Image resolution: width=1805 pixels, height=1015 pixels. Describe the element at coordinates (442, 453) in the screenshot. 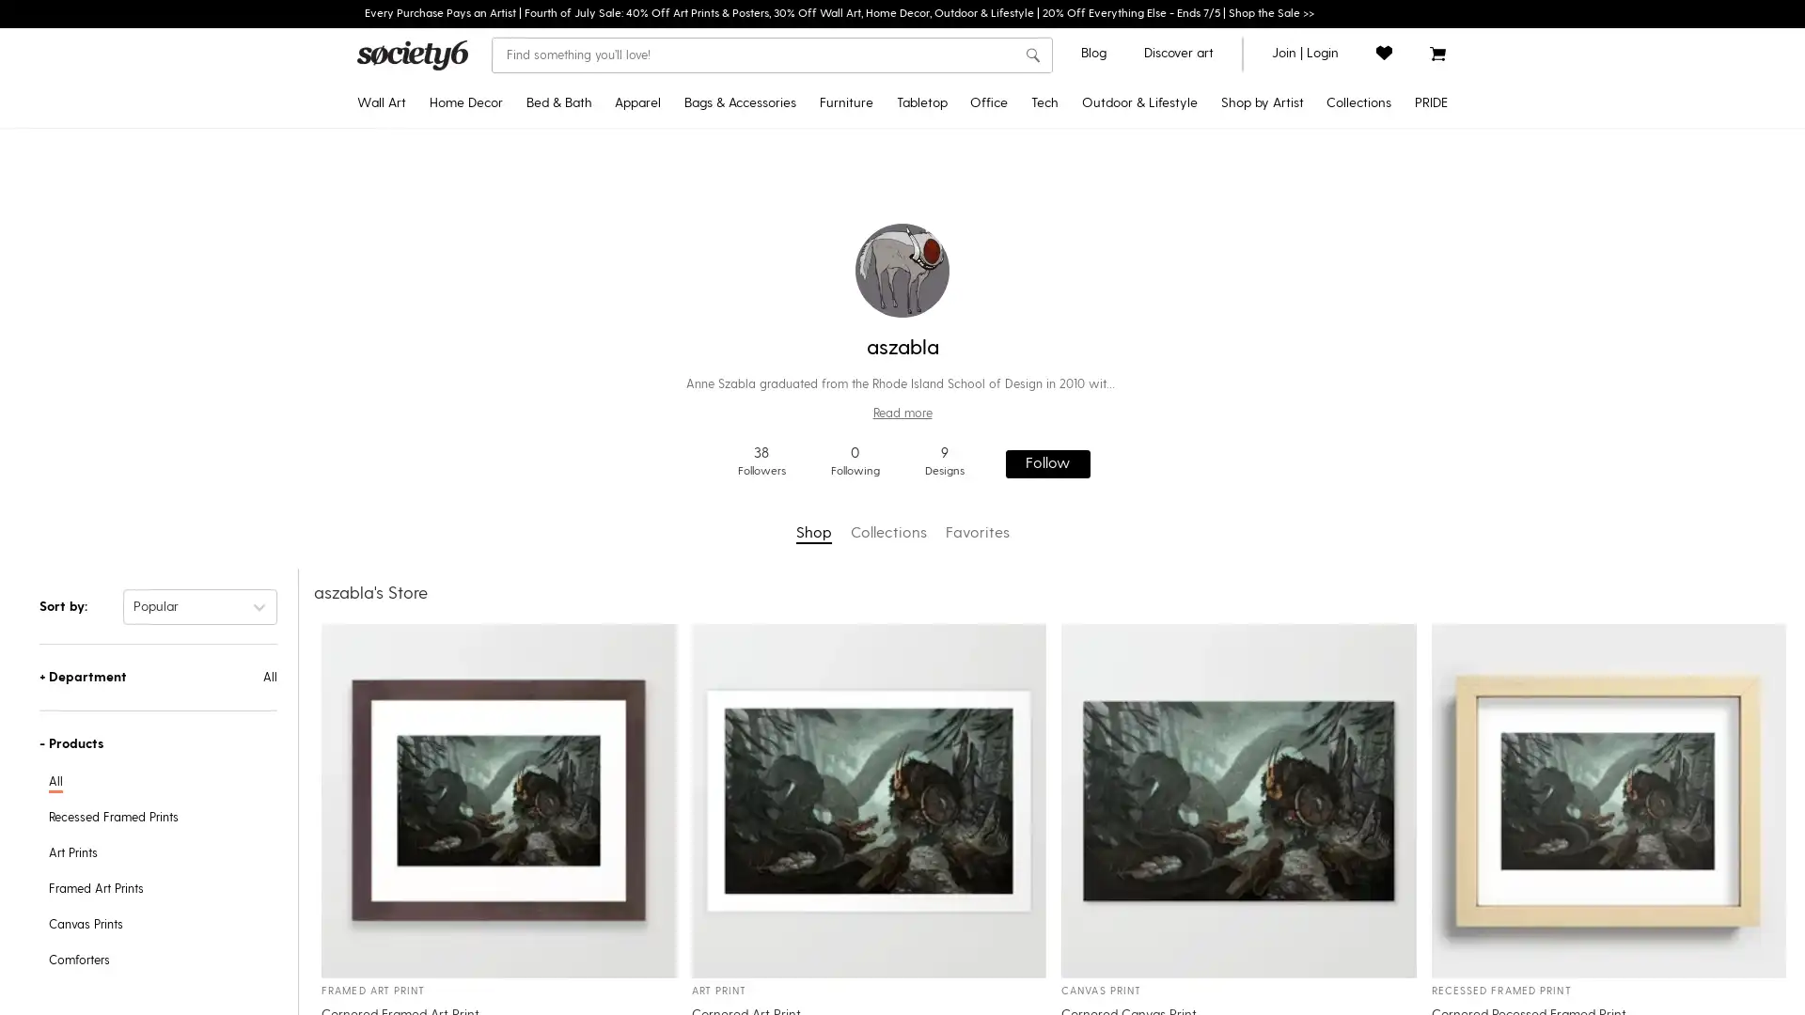

I see `Wood Wall Art` at that location.